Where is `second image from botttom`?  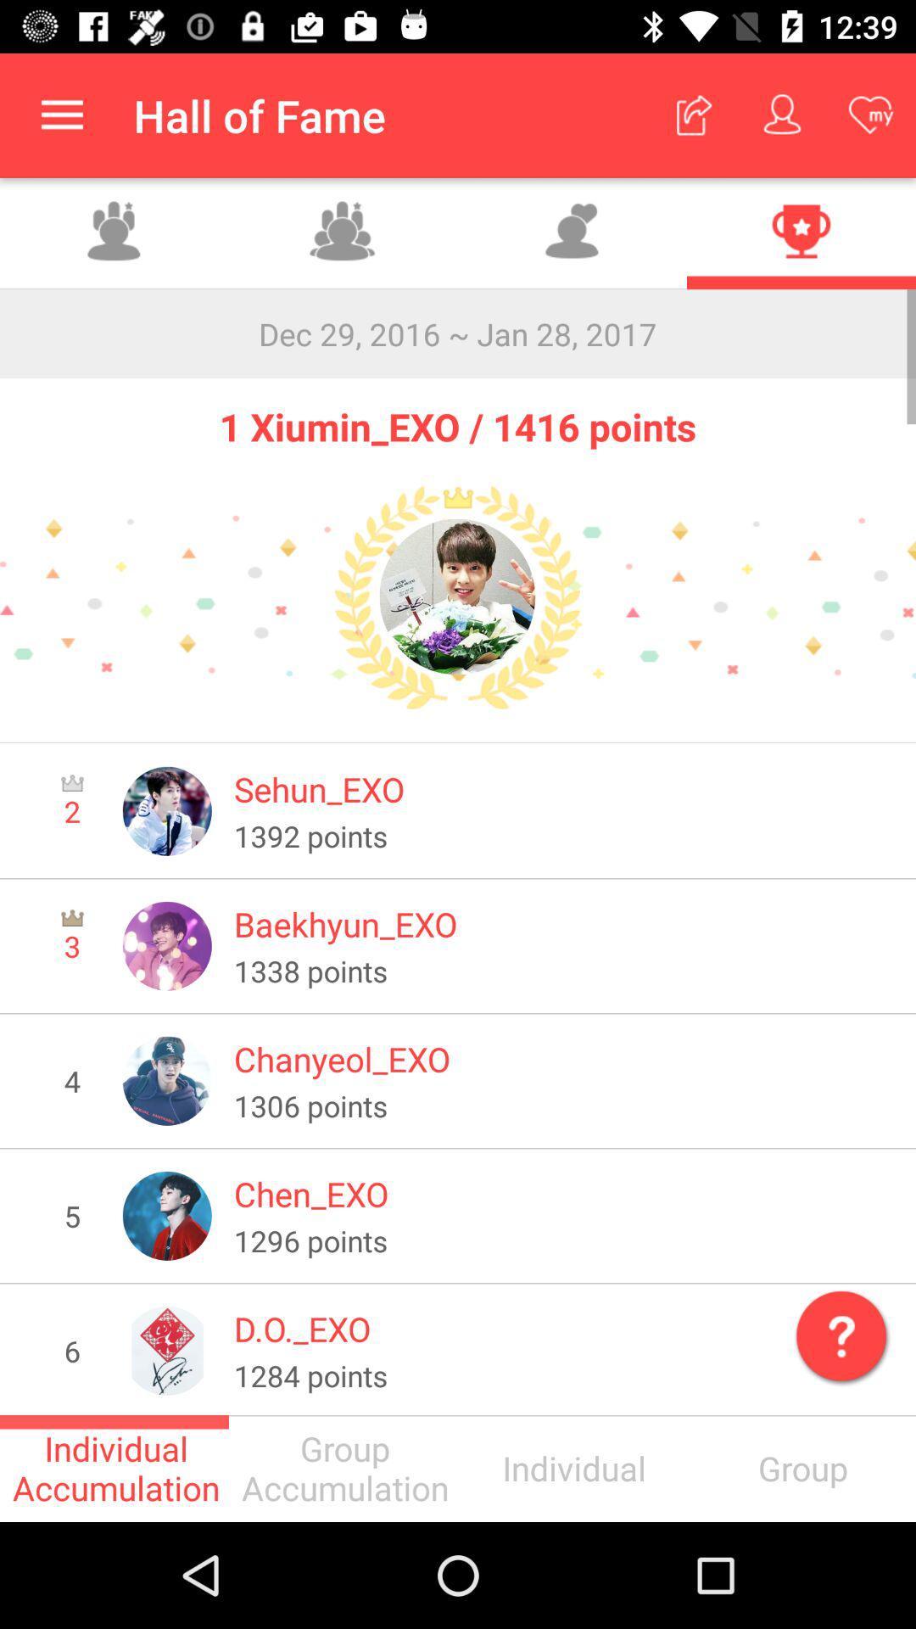
second image from botttom is located at coordinates (167, 1215).